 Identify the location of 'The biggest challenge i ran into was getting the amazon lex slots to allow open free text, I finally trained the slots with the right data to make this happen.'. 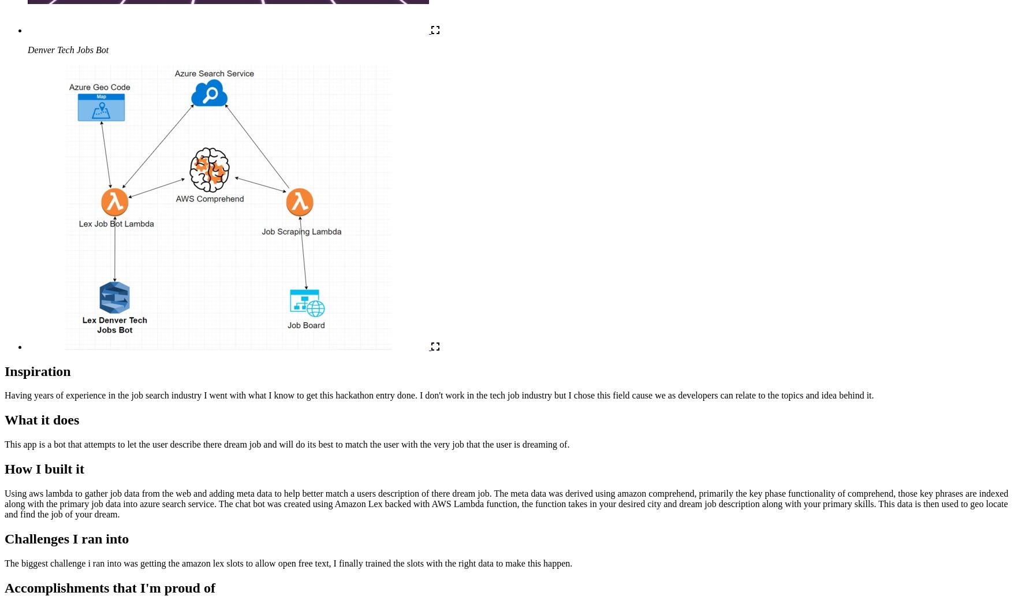
(288, 563).